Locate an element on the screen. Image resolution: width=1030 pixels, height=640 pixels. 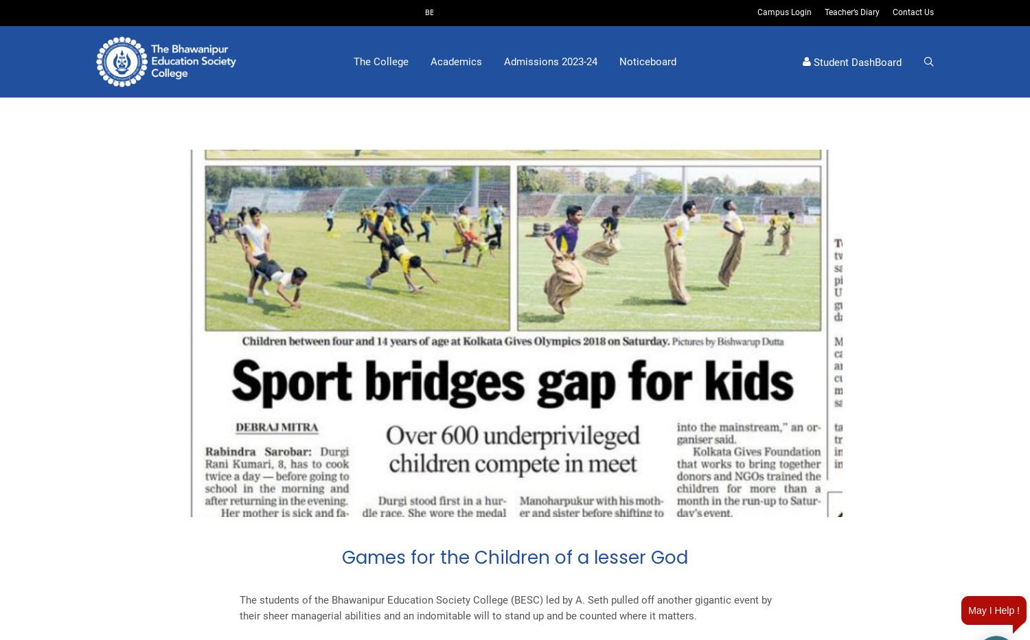
'Games for the Children of a lesser God' is located at coordinates (515, 557).